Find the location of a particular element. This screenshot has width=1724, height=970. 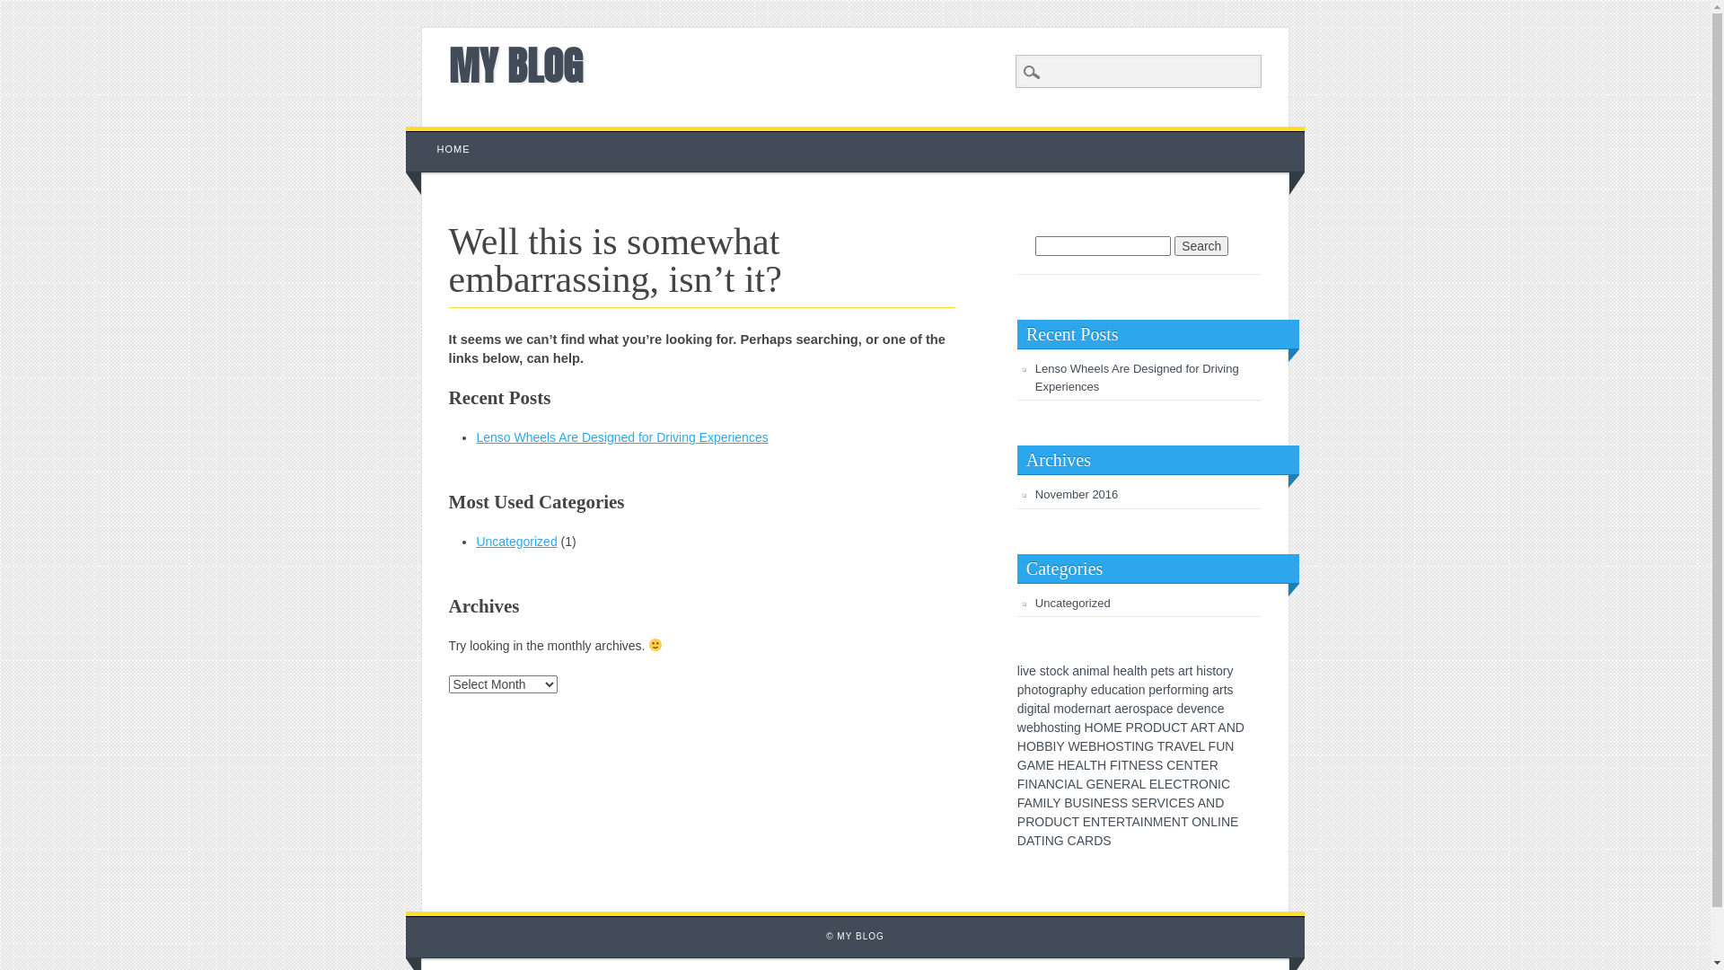

'p' is located at coordinates (1021, 688).